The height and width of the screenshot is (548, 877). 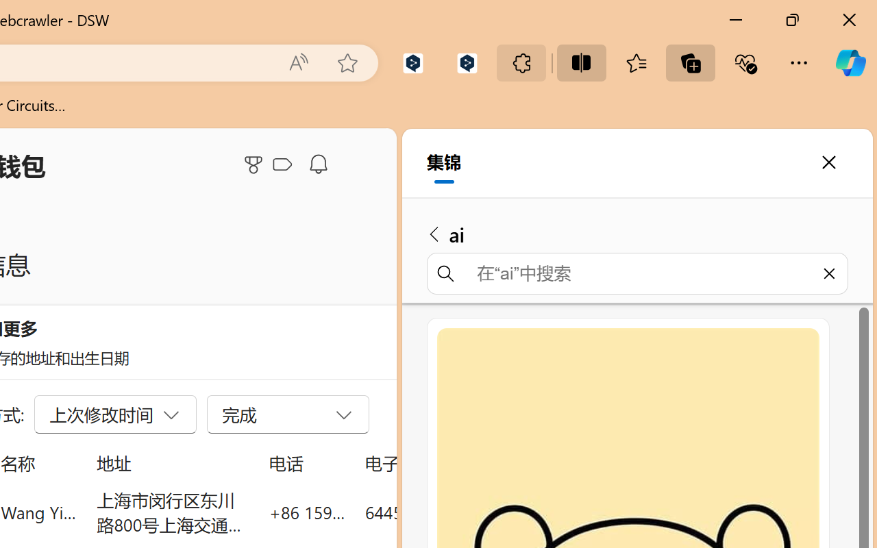 I want to click on 'Microsoft Cashback', so click(x=284, y=164).